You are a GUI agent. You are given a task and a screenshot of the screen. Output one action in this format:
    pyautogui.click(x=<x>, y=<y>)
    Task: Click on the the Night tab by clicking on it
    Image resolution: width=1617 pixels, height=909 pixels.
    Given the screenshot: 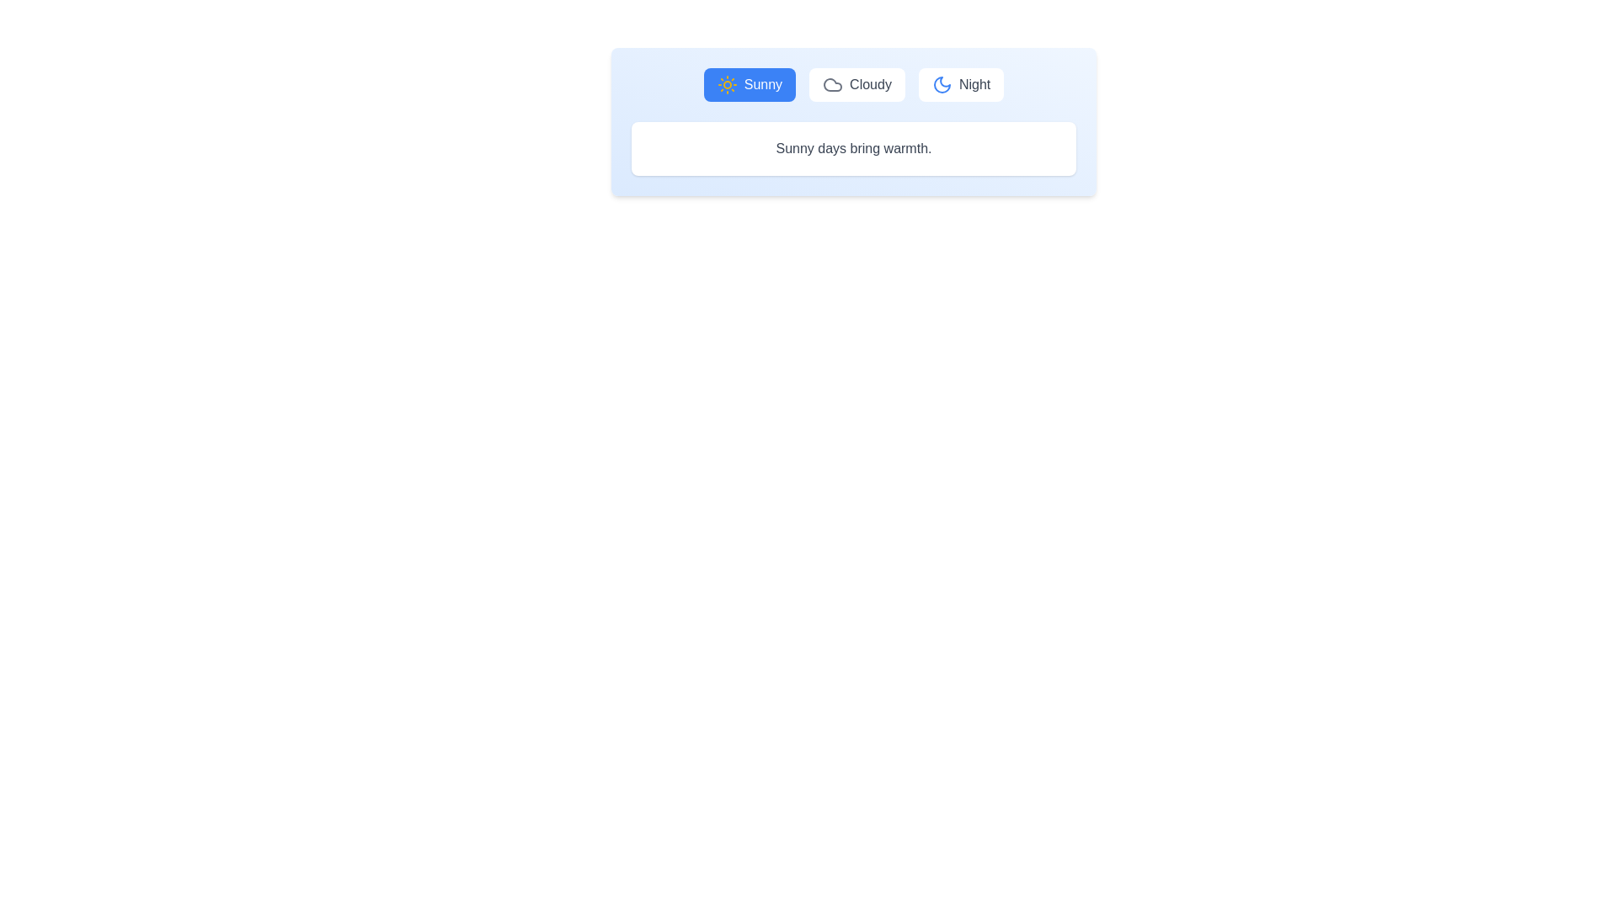 What is the action you would take?
    pyautogui.click(x=961, y=84)
    